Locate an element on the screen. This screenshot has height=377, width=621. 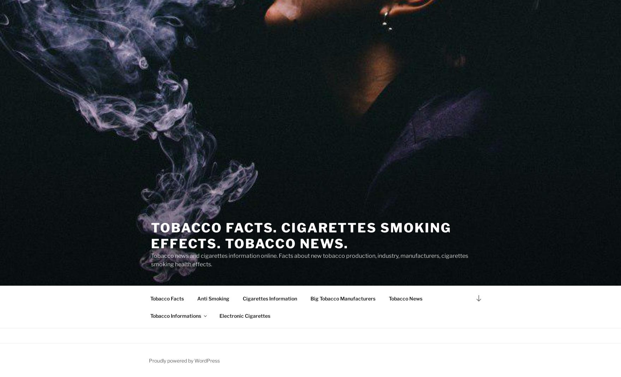
'Tobacco Facts. Cigarettes Smoking Effects. Tobacco News.' is located at coordinates (151, 235).